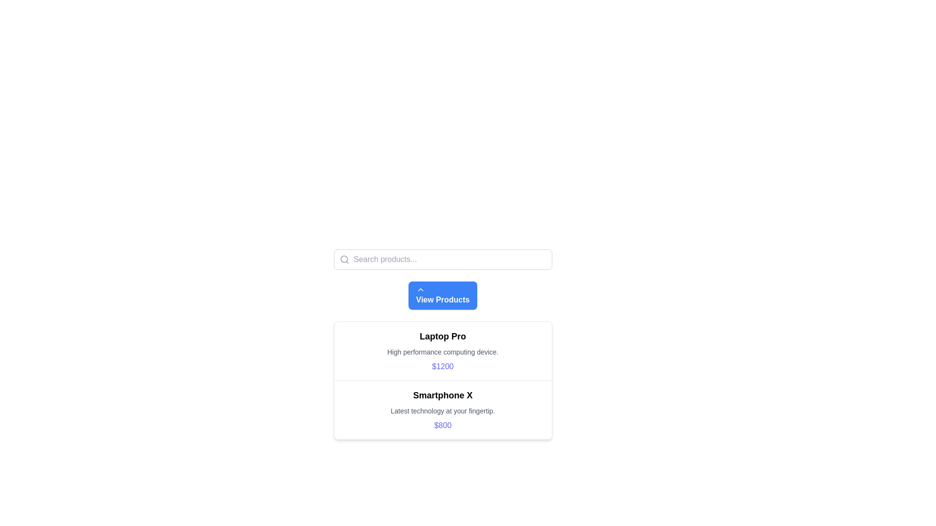 The image size is (936, 526). I want to click on the circular graphic element of the search icon, which symbolizes the central glass area of the magnifying glass, located inside the search bar near the top of the interface, so click(344, 259).